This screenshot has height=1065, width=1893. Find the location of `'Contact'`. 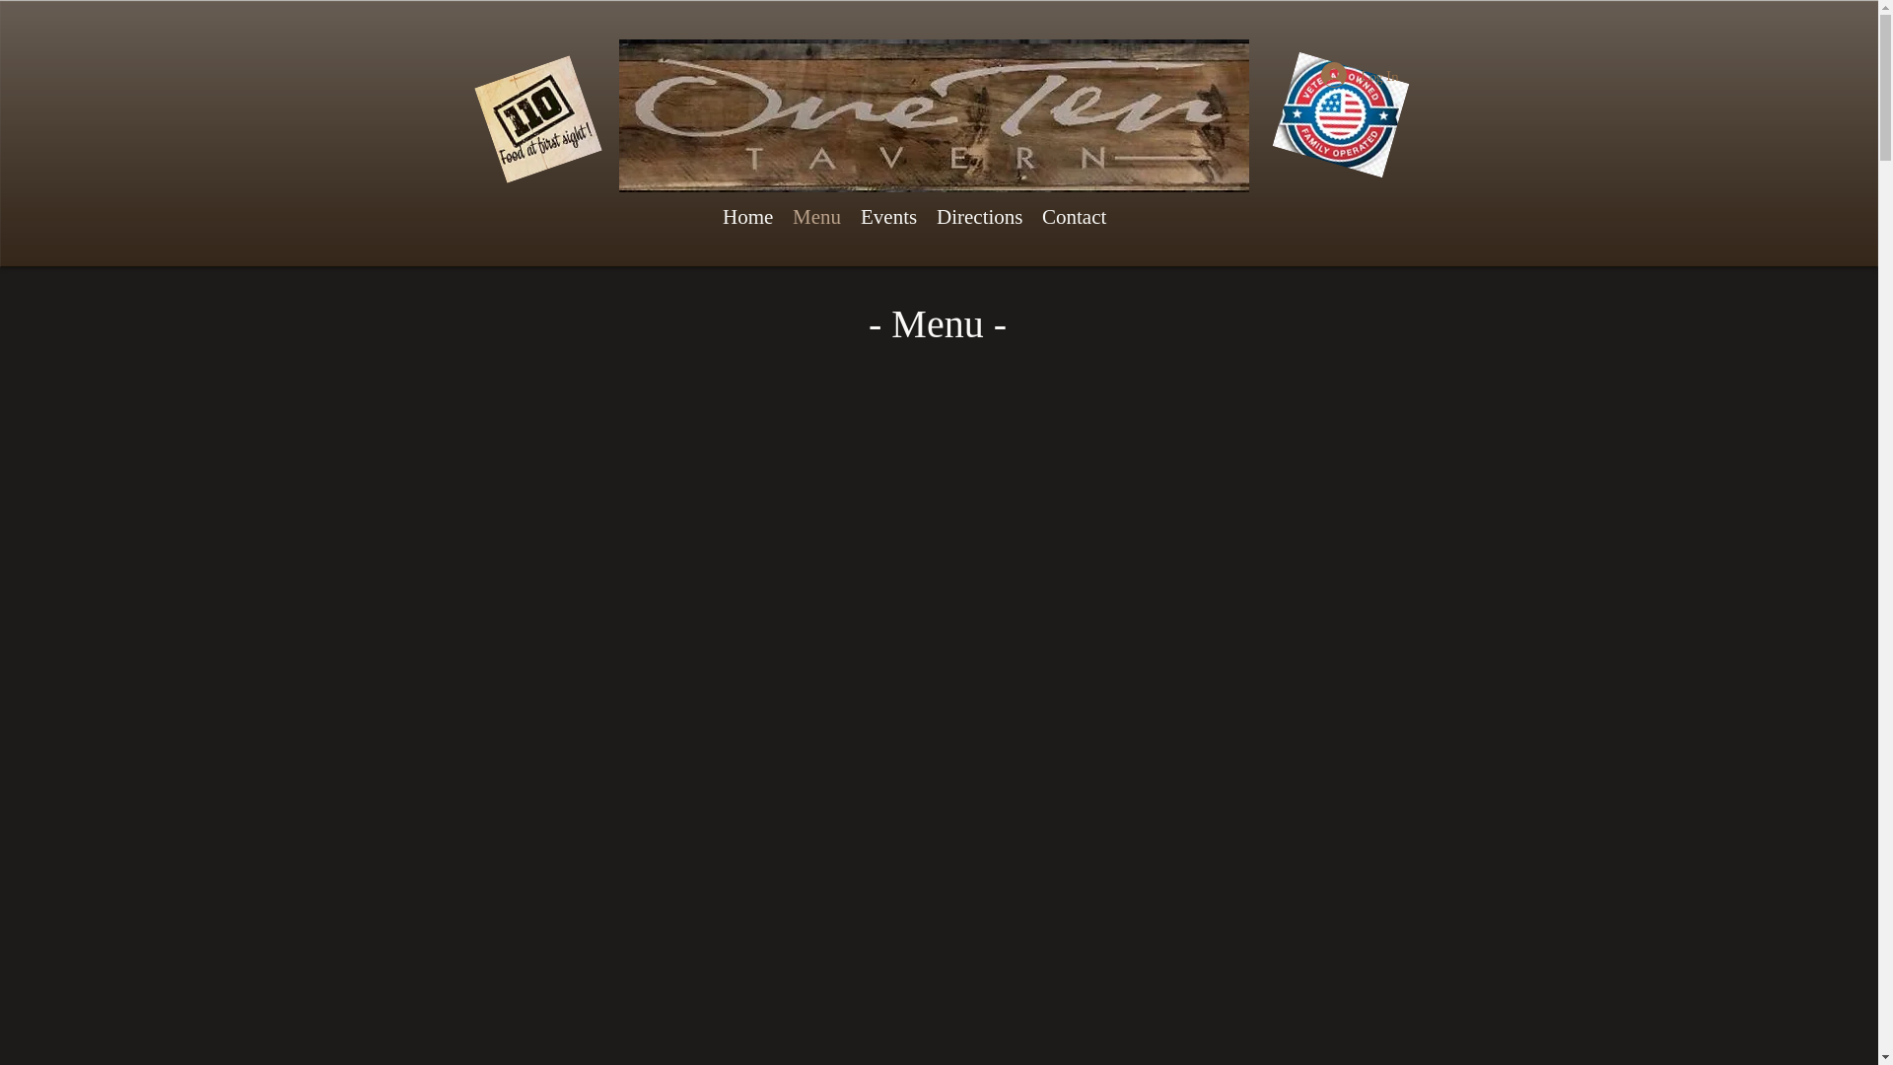

'Contact' is located at coordinates (1073, 216).